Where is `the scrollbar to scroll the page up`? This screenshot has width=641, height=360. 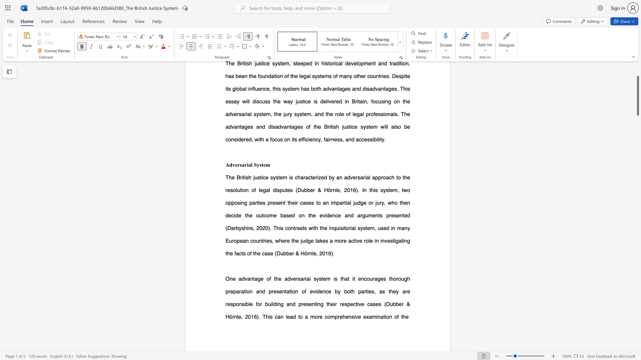
the scrollbar to scroll the page up is located at coordinates (637, 70).